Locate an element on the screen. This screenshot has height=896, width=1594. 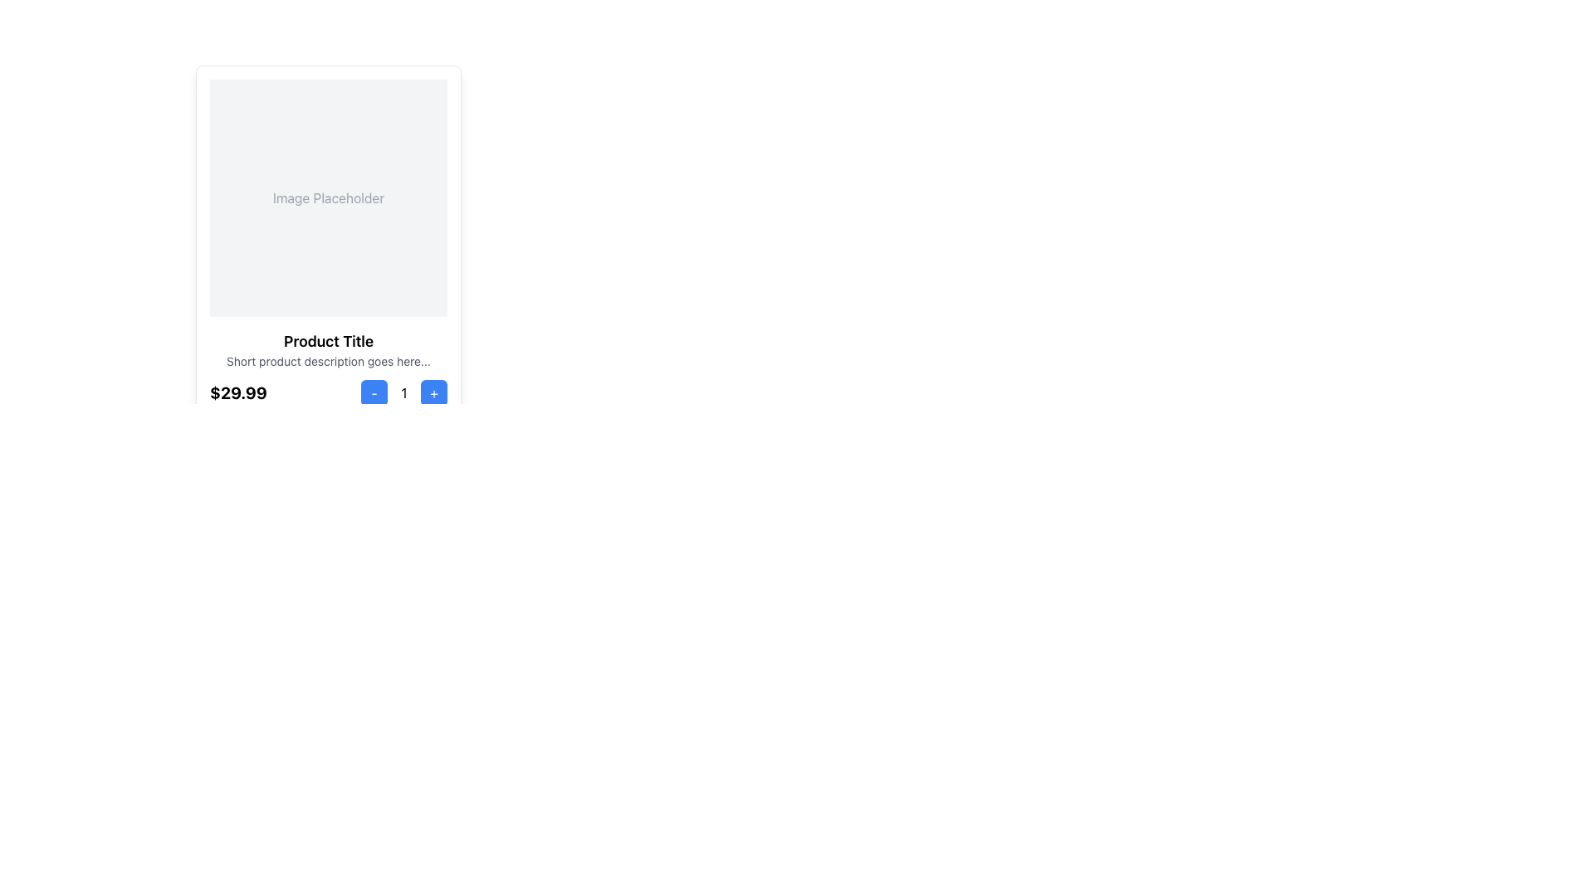
the text block displaying the product's title and brief description, positioned centrally below the image placeholder and above the price and quantity controls is located at coordinates (328, 348).